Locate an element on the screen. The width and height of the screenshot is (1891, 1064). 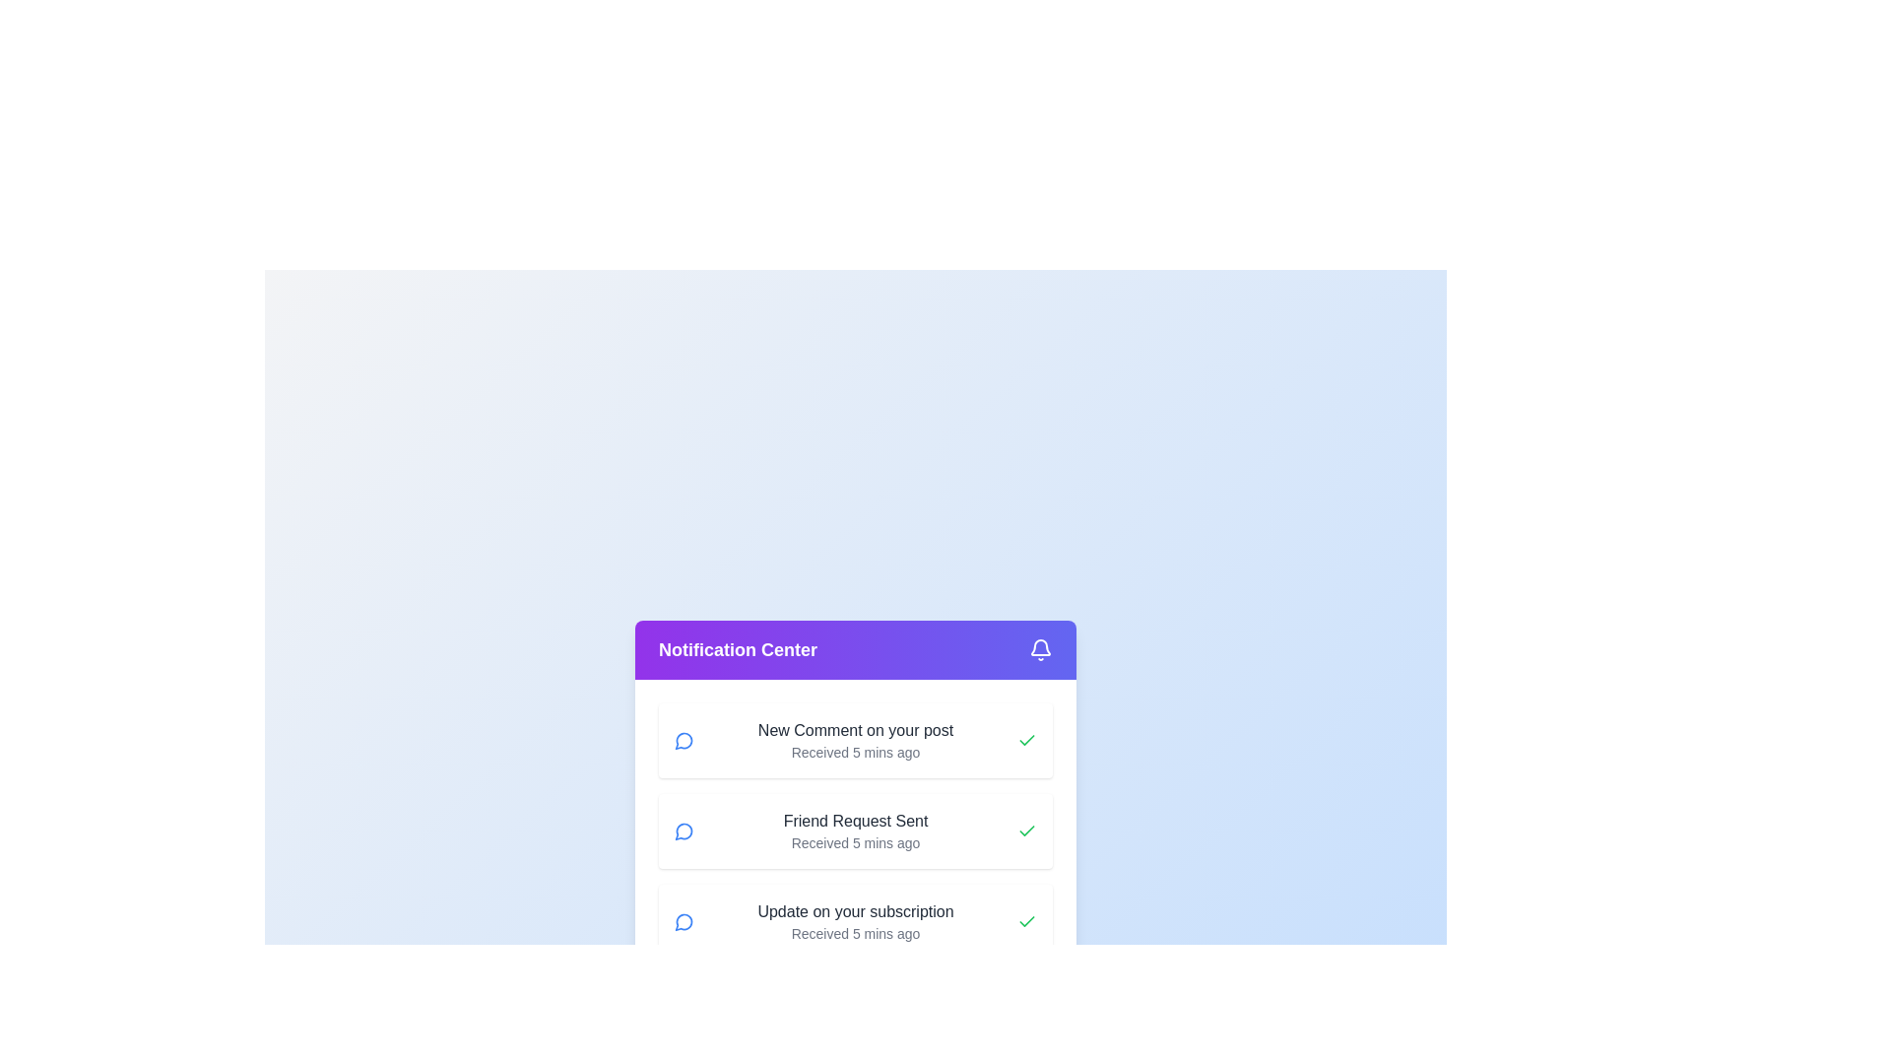
the icon that represents a new comment notification, positioned on the leftmost side of the first notification entry in the Notification Center is located at coordinates (685, 741).